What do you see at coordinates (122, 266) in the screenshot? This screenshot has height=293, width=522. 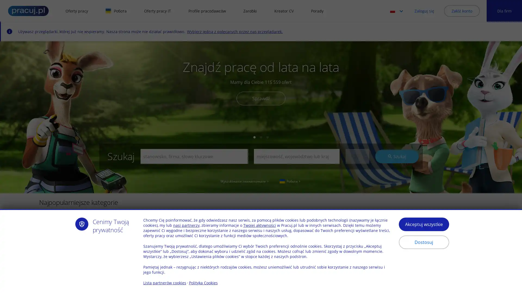 I see `ZAPISANE` at bounding box center [122, 266].